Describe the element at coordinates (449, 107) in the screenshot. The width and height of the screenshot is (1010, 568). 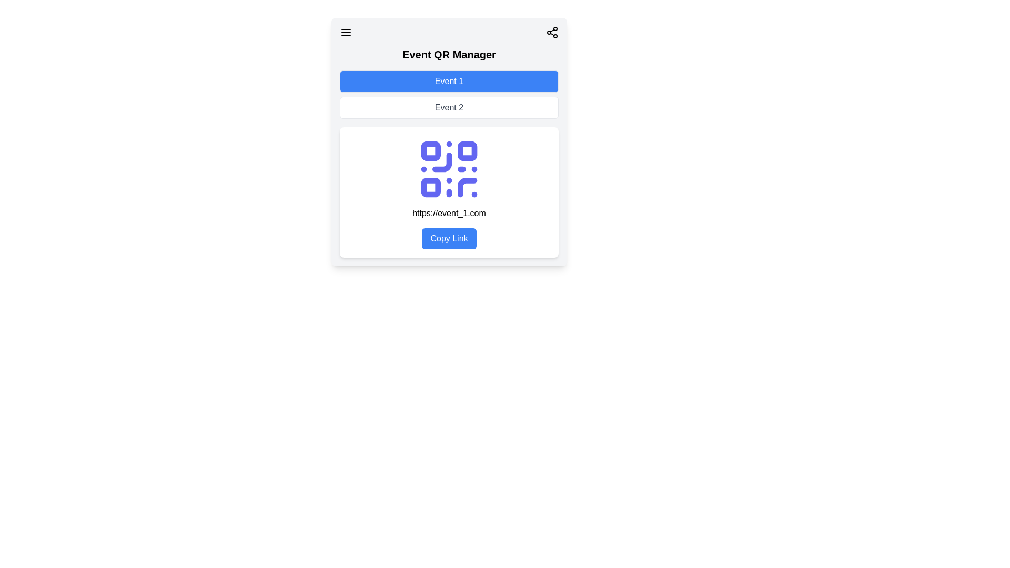
I see `the button labeled 'Event 2' which is a rounded rectangle with a white background and gray text, positioned below the 'Event 1' button` at that location.